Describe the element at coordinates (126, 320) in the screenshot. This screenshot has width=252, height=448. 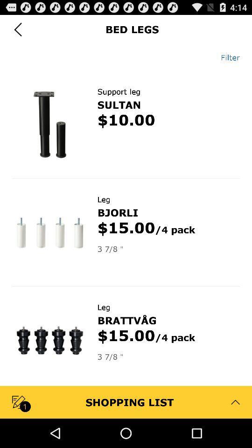
I see `icon below the leg app` at that location.